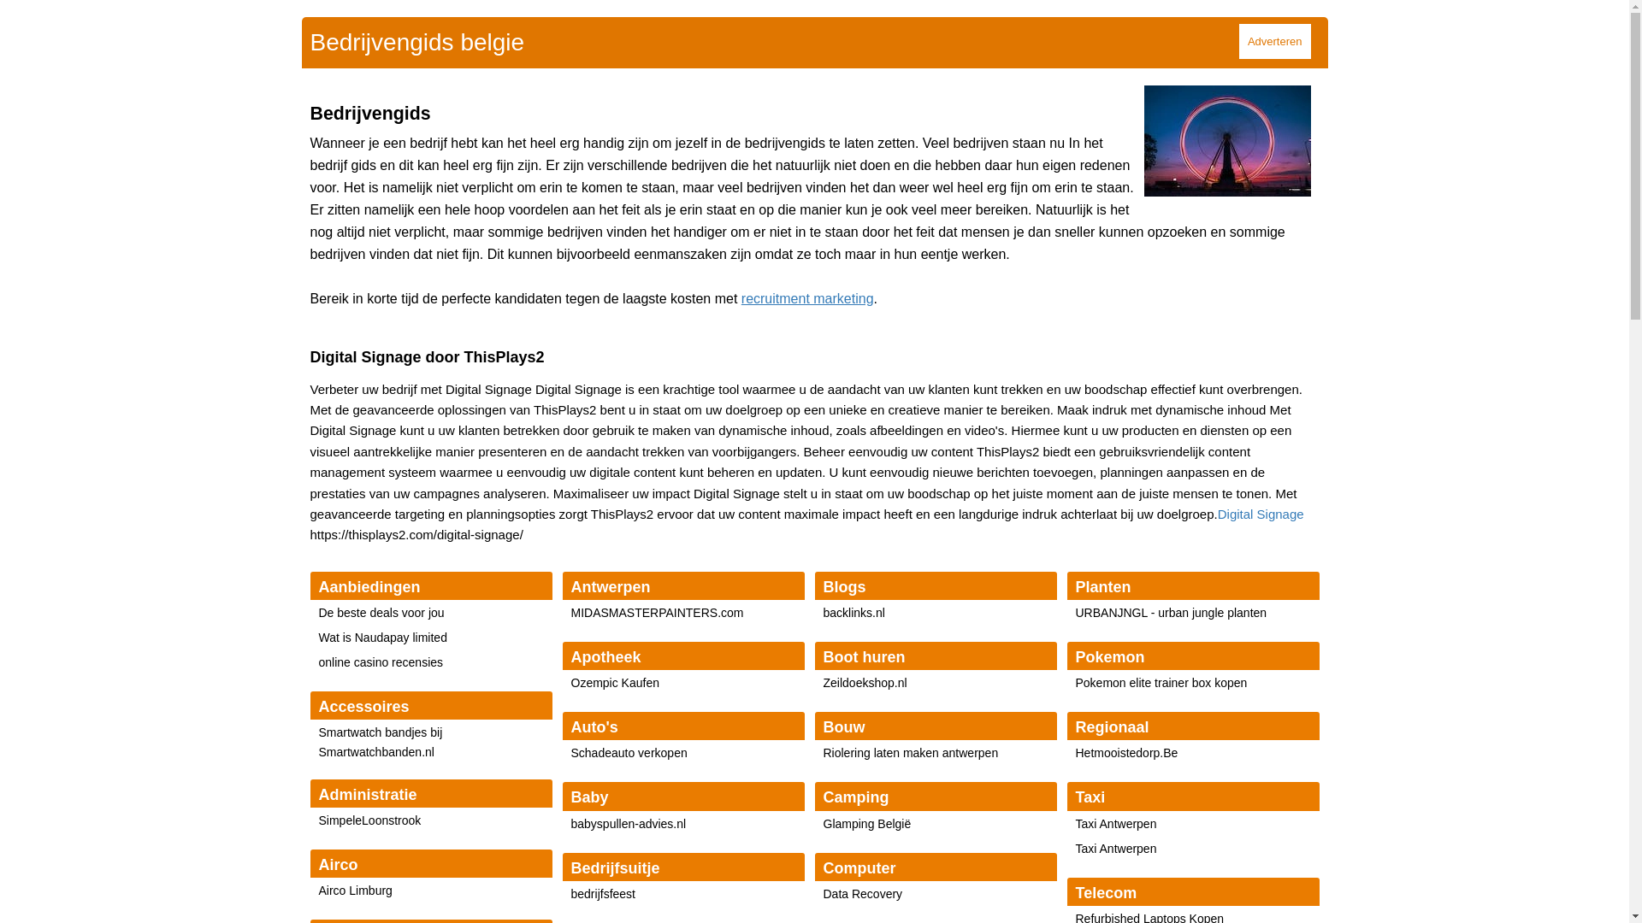 The image size is (1642, 923). I want to click on 'babyspullen-advies.nl', so click(628, 823).